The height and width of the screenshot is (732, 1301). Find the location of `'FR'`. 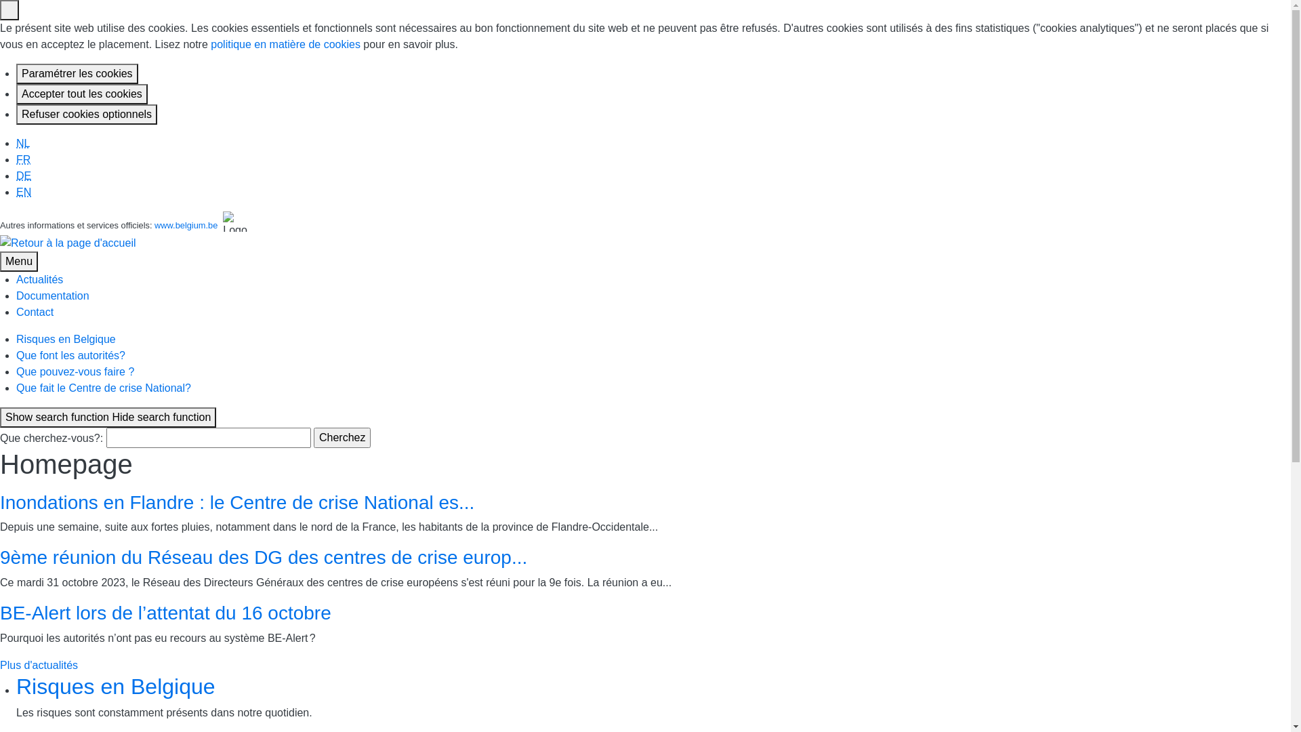

'FR' is located at coordinates (16, 159).